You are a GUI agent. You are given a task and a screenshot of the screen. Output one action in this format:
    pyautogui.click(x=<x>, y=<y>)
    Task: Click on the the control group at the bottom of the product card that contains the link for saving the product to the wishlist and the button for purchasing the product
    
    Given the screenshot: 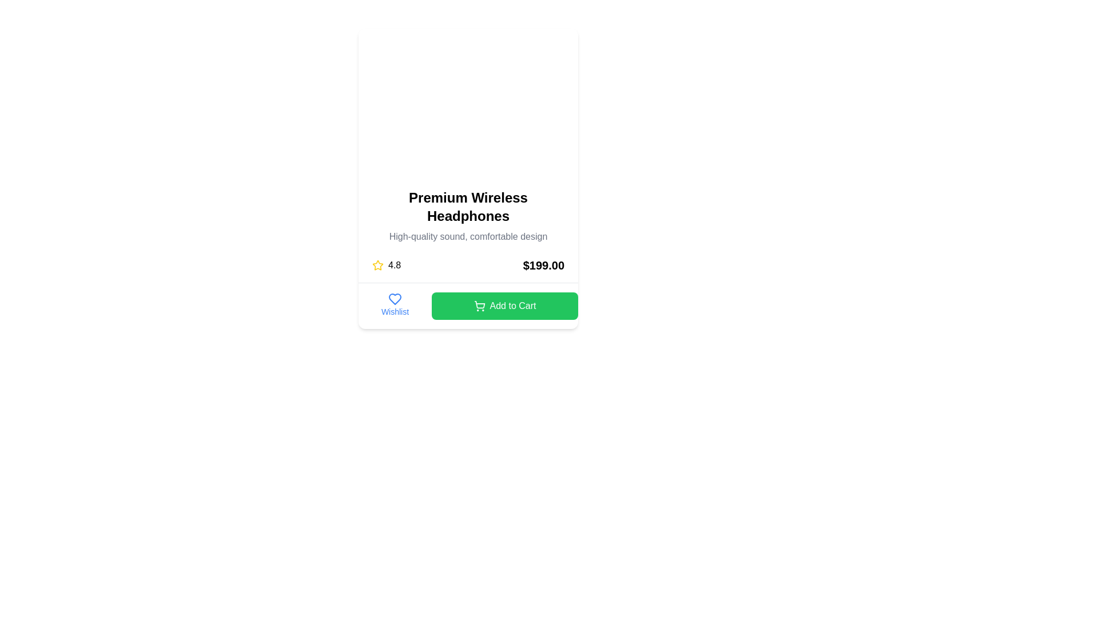 What is the action you would take?
    pyautogui.click(x=468, y=305)
    